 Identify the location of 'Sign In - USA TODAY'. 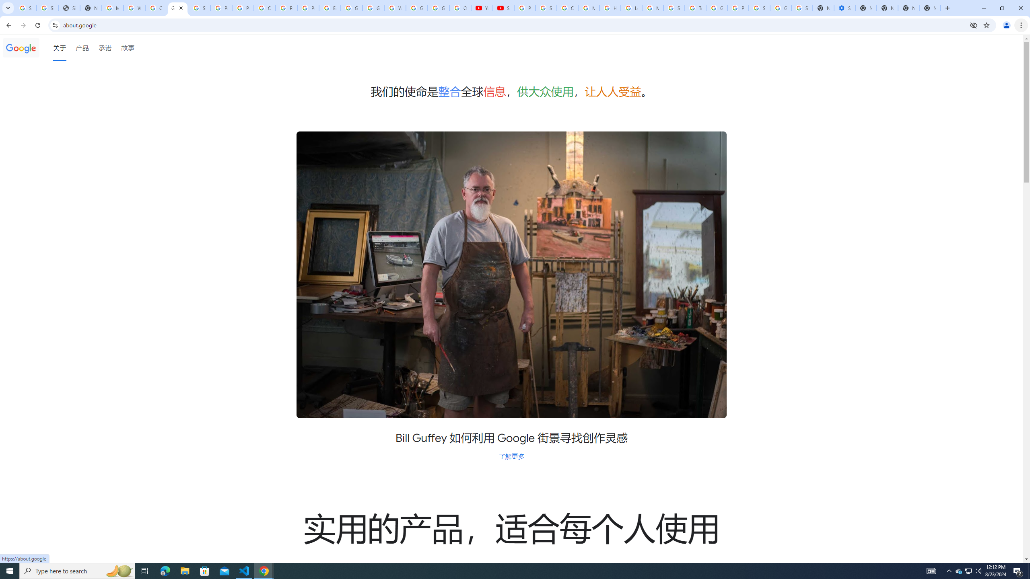
(69, 8).